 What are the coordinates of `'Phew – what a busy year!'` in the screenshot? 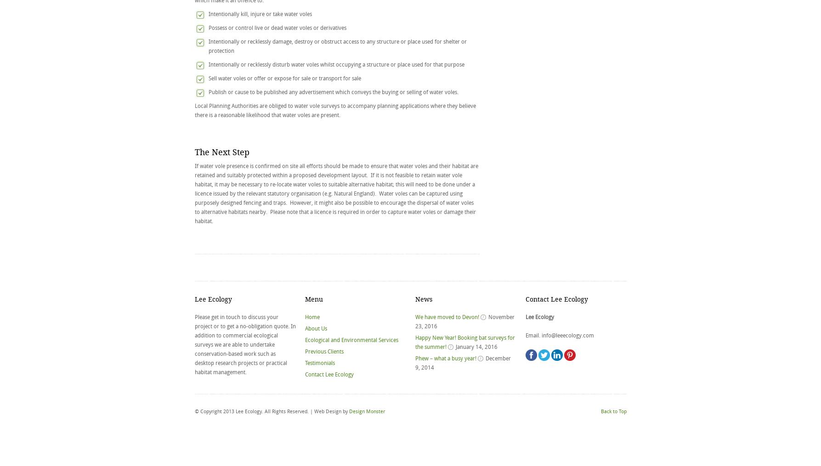 It's located at (445, 358).